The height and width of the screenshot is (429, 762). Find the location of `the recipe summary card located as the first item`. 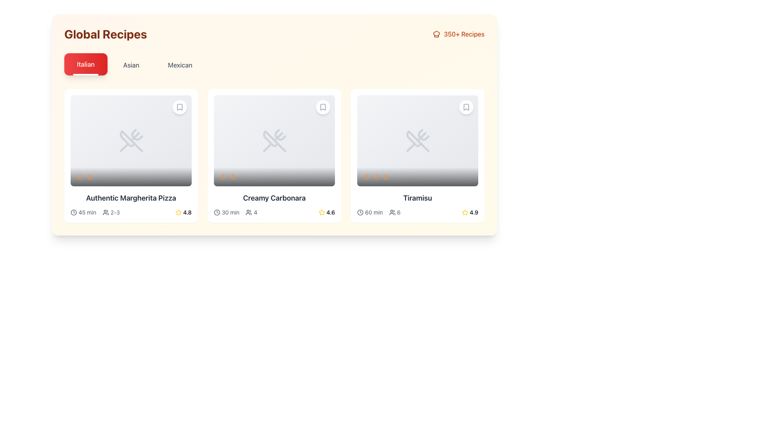

the recipe summary card located as the first item is located at coordinates (131, 156).